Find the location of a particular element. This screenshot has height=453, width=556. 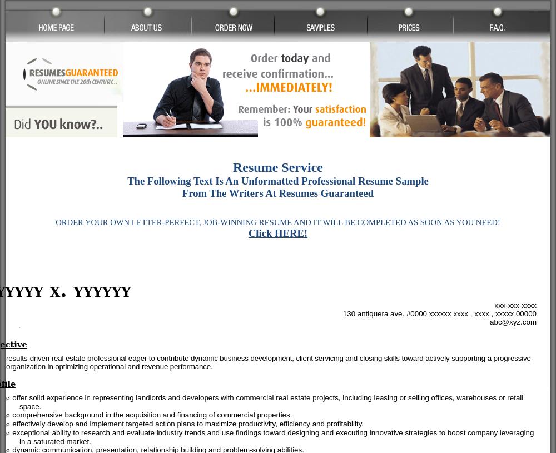

'effectively
develop and implement targeted action plans to maximize productivity,
efficiency and profitability.' is located at coordinates (187, 423).